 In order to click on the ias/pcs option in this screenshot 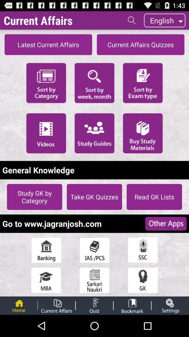, I will do `click(94, 250)`.